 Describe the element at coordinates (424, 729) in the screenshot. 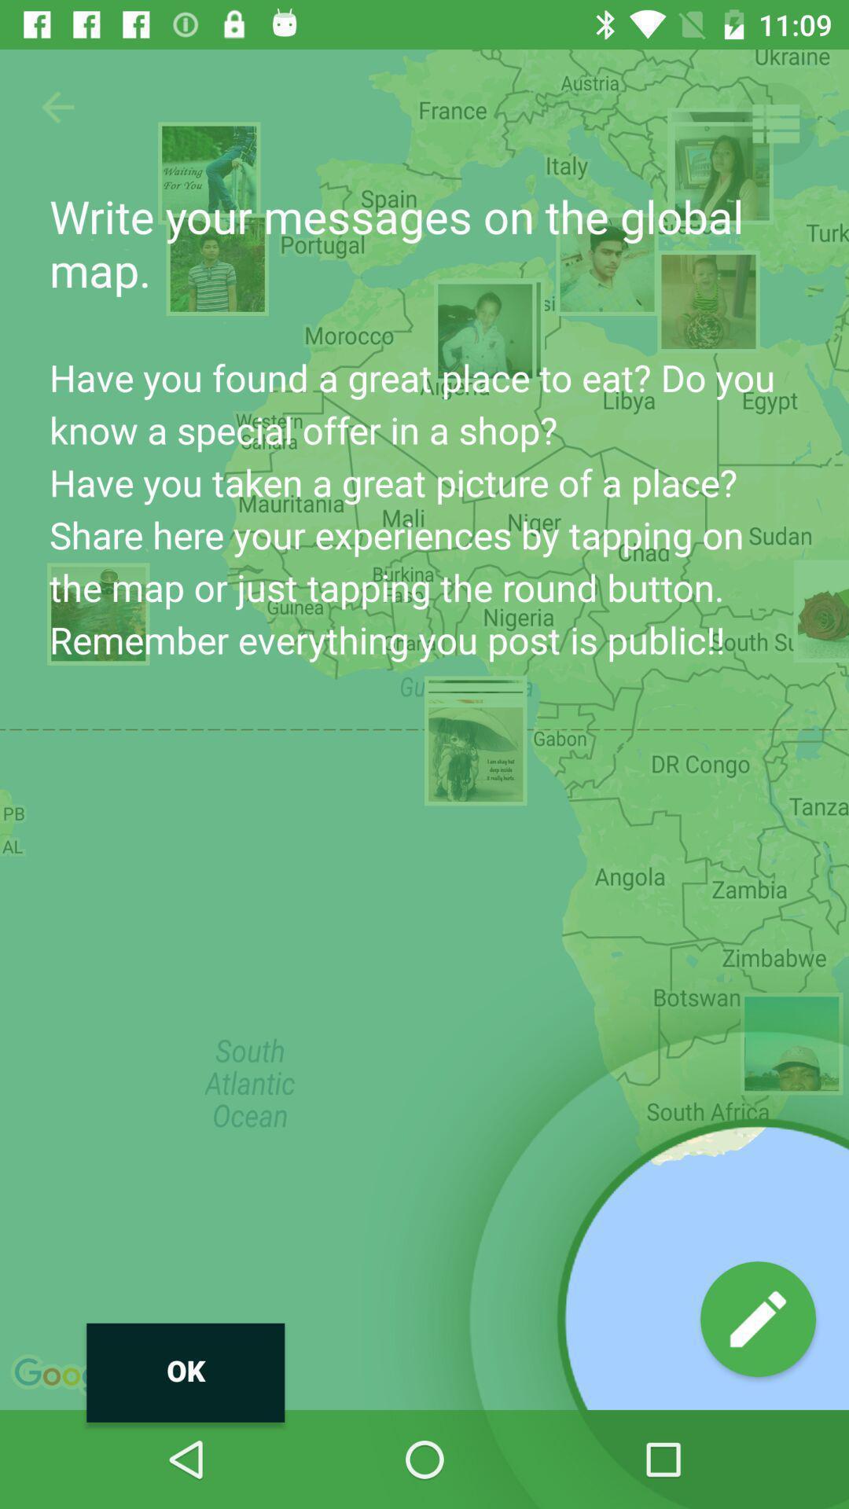

I see `icon at the center` at that location.